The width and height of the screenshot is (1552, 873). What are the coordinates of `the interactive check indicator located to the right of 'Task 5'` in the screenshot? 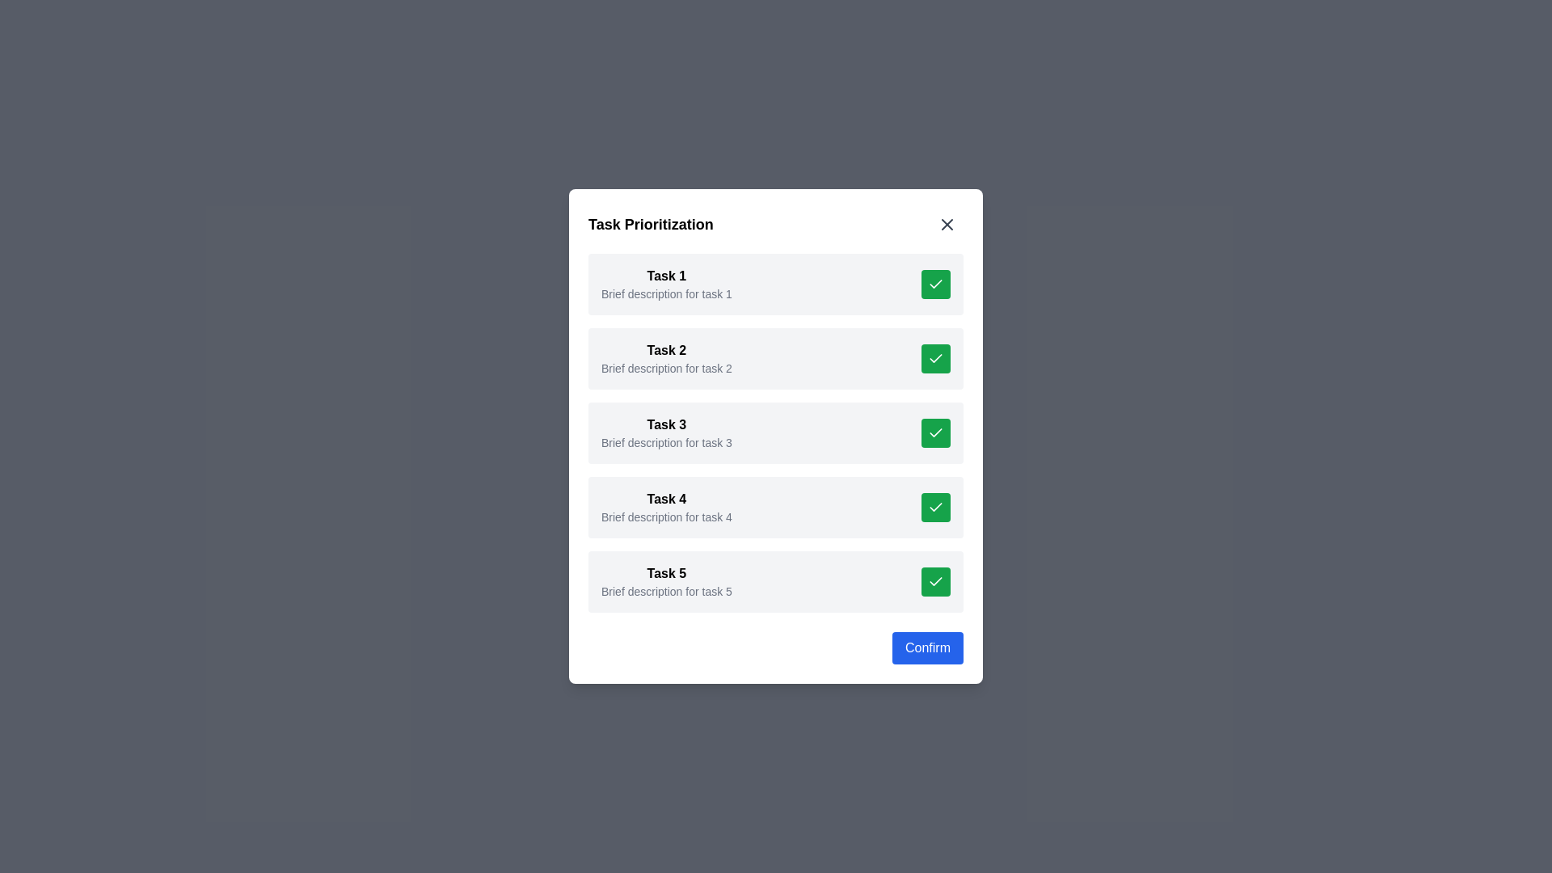 It's located at (935, 582).